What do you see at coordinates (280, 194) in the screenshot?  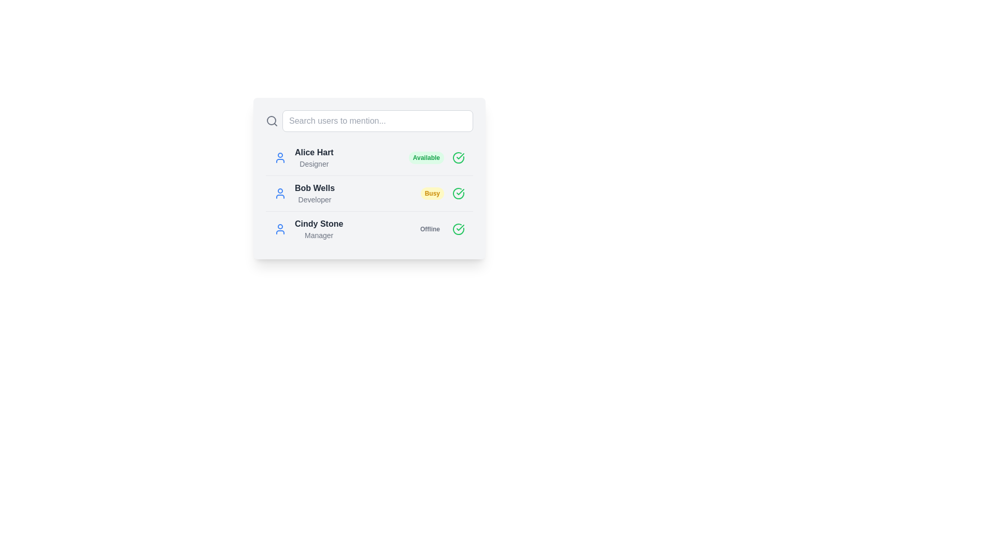 I see `the circular user profile icon with a blue color outline, which is positioned to the left of 'Bob Wells' and directly above 'Busy'` at bounding box center [280, 194].